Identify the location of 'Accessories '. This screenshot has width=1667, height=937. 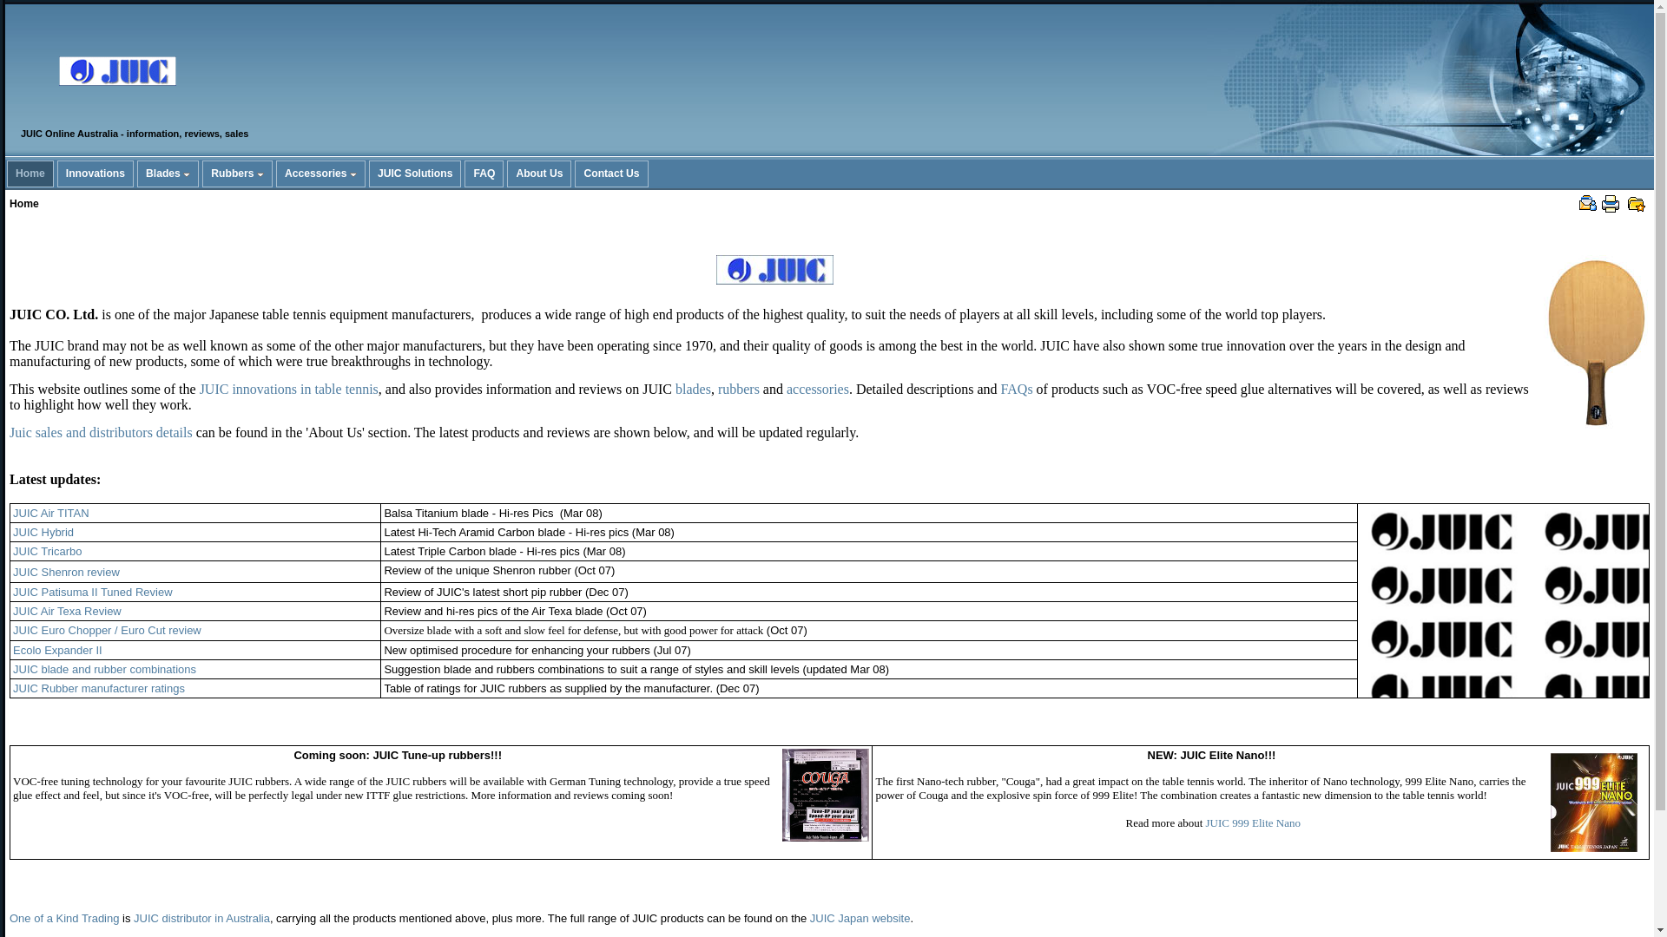
(320, 174).